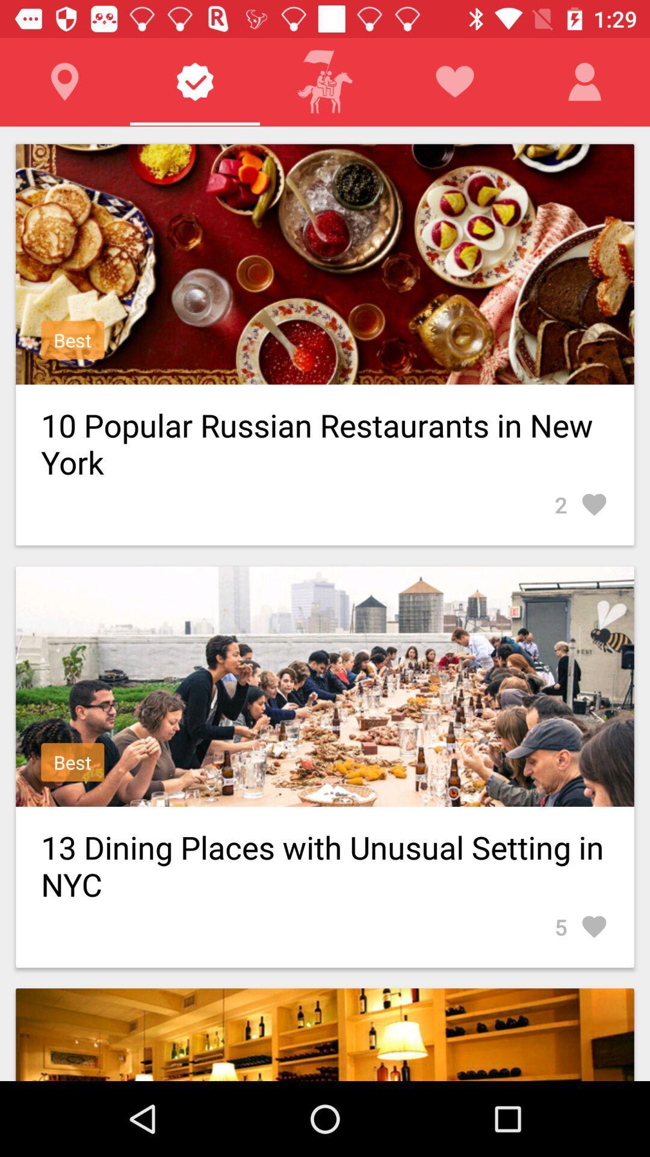 This screenshot has width=650, height=1157. Describe the element at coordinates (581, 926) in the screenshot. I see `5 icon` at that location.